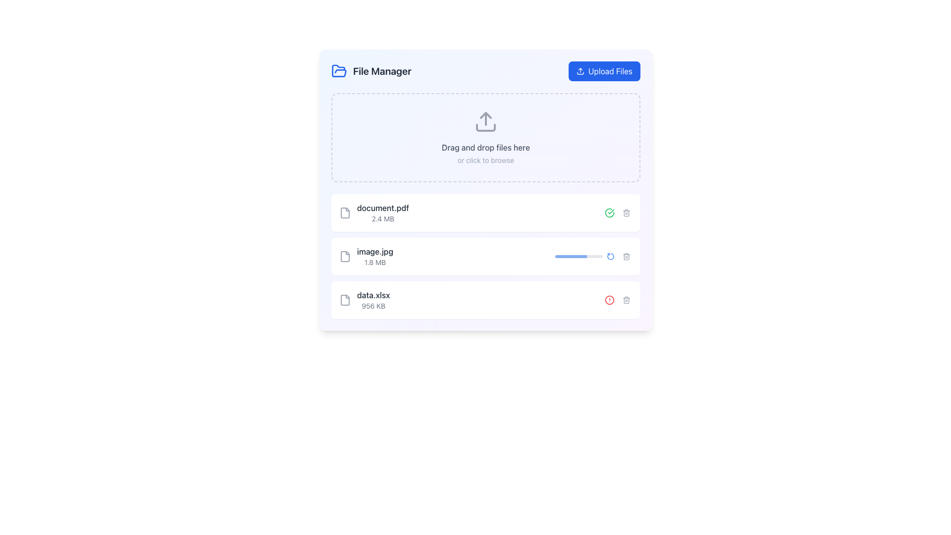  I want to click on the text label that suggests an alternative action for uploading files, located below the 'Drag and drop files here' text within the dashed-bordered upload section, so click(485, 160).